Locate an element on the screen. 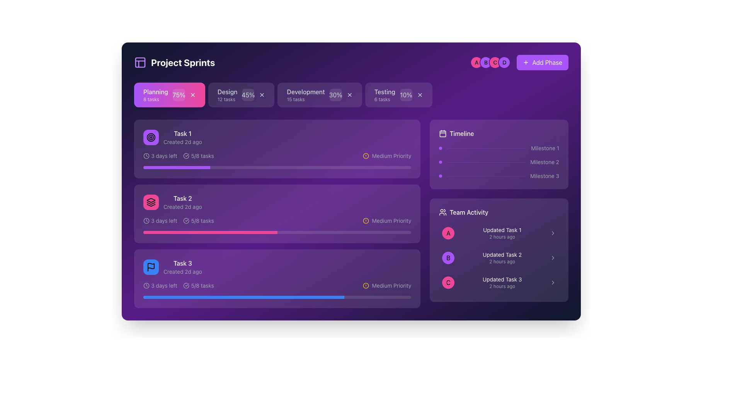  the text label displaying 'Created 2d ago', which is located beneath the title 'Task 1' and aligned to the left is located at coordinates (182, 142).